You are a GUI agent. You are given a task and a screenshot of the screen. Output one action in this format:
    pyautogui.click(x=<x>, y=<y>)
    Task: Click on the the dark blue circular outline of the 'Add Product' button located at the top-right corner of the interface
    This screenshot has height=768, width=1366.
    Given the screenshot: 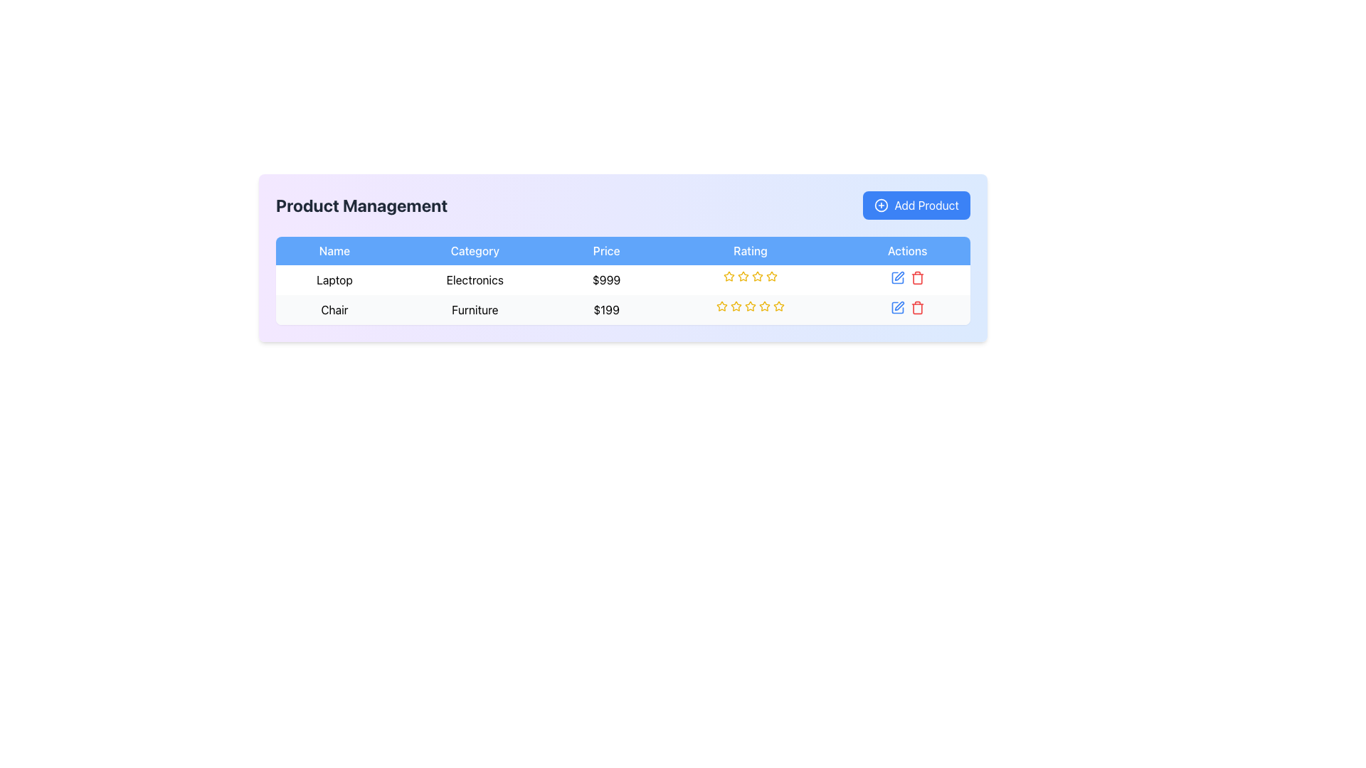 What is the action you would take?
    pyautogui.click(x=881, y=206)
    